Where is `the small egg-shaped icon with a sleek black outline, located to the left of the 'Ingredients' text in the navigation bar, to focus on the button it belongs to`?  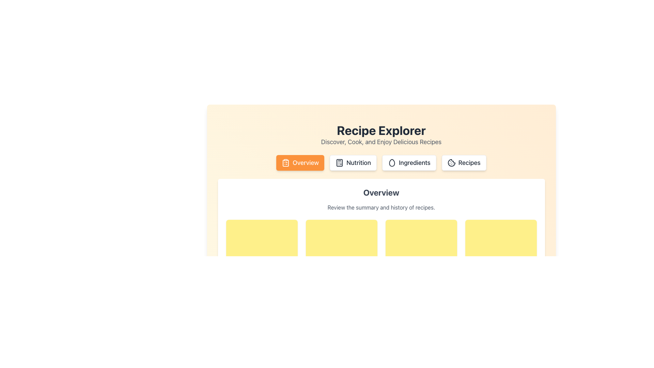
the small egg-shaped icon with a sleek black outline, located to the left of the 'Ingredients' text in the navigation bar, to focus on the button it belongs to is located at coordinates (392, 163).